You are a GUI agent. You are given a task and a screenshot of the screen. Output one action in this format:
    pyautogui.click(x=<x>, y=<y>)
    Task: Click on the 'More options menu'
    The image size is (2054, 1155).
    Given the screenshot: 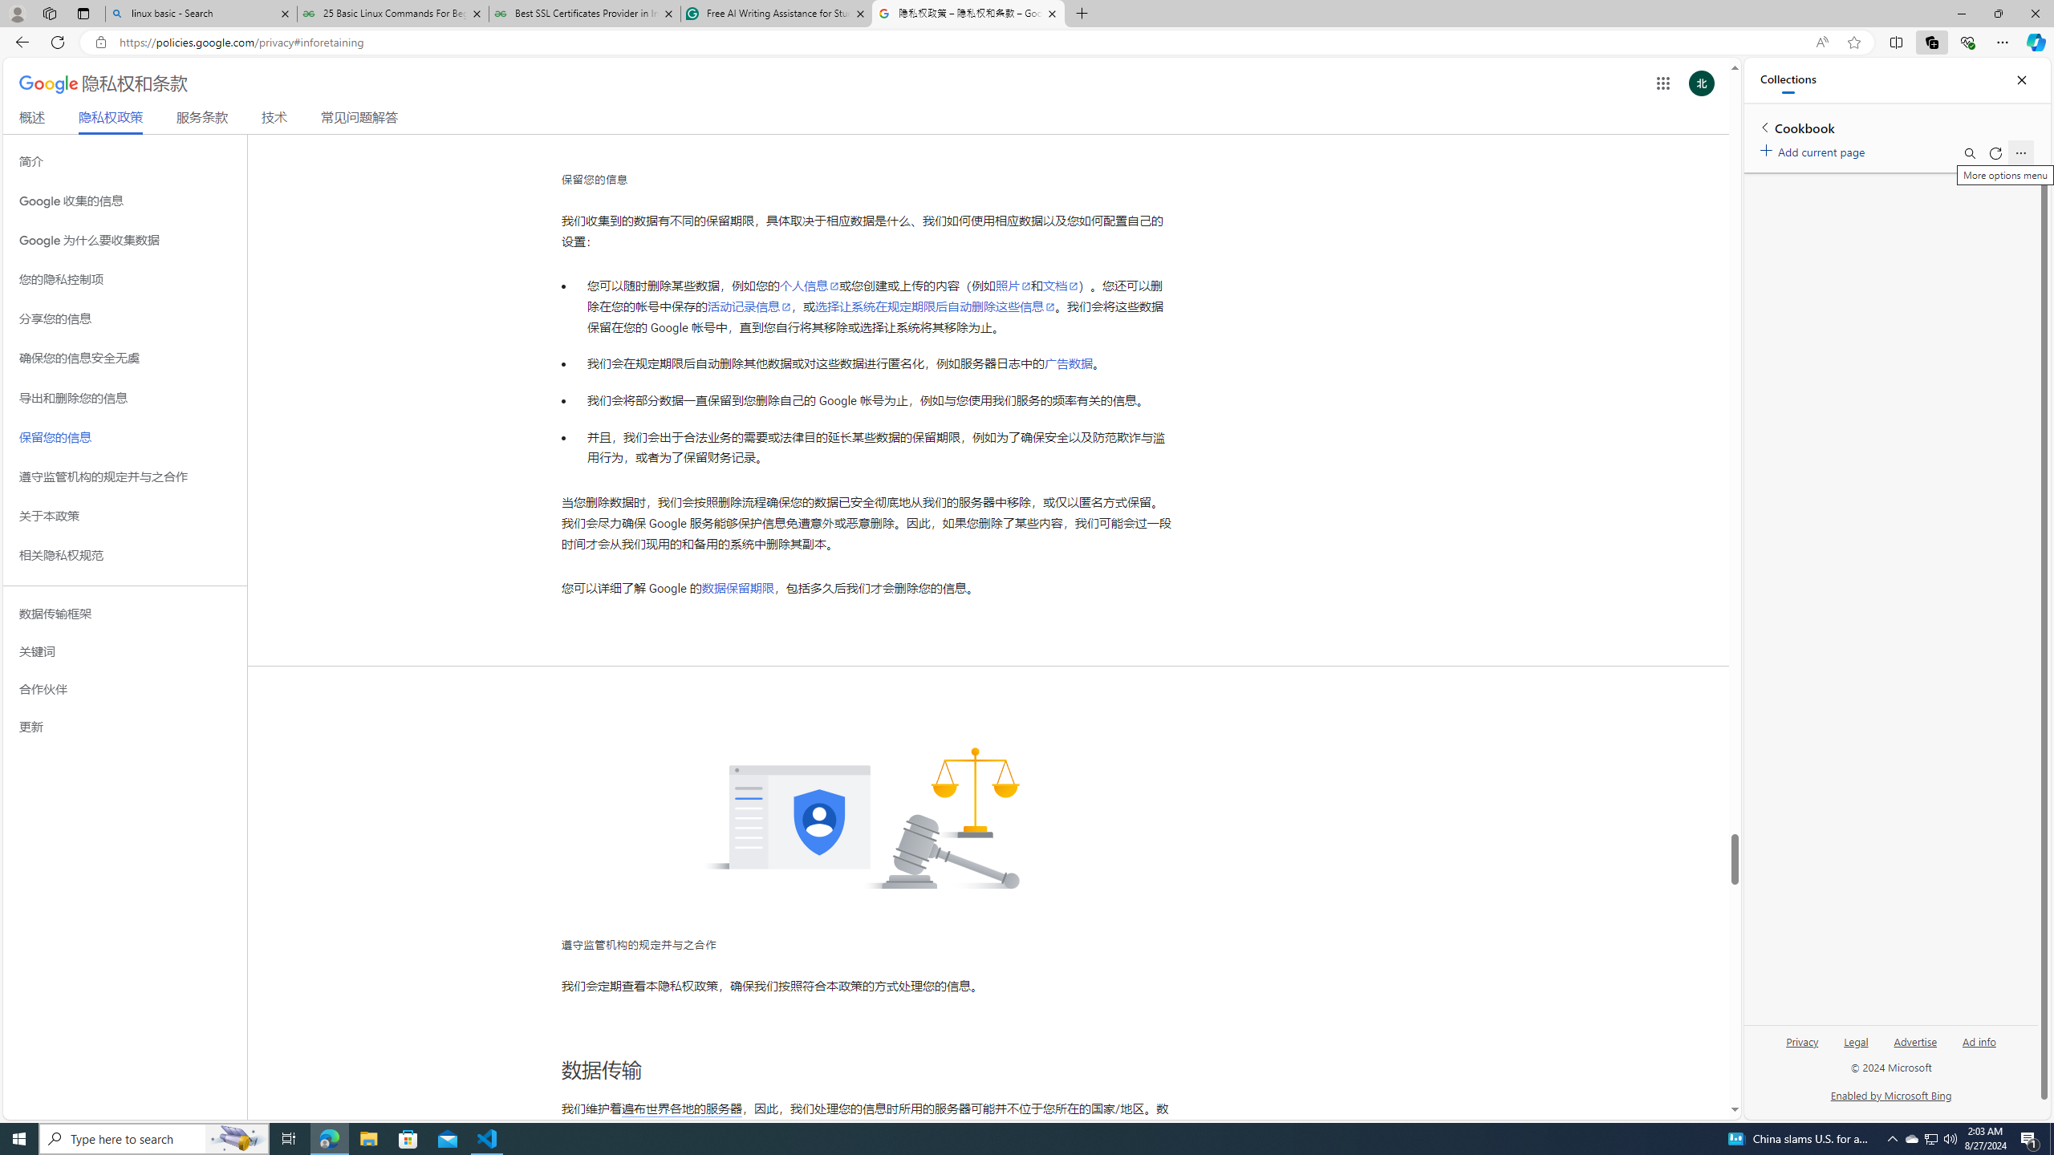 What is the action you would take?
    pyautogui.click(x=2021, y=153)
    